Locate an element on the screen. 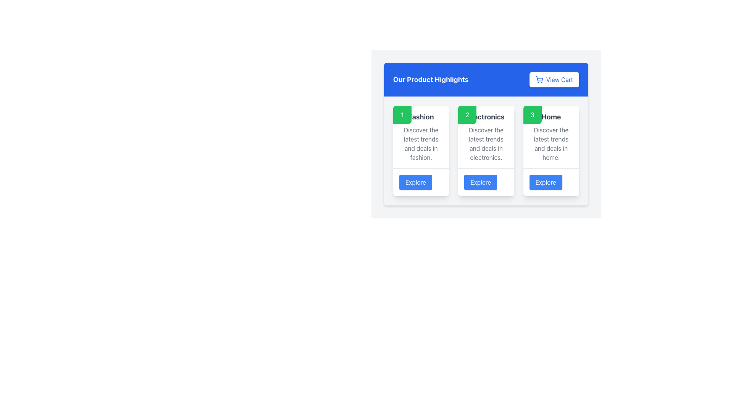 This screenshot has height=412, width=733. the 'Explore' button with a vibrant blue background and white text located at the bottom of the 'Electronics' card is located at coordinates (486, 182).